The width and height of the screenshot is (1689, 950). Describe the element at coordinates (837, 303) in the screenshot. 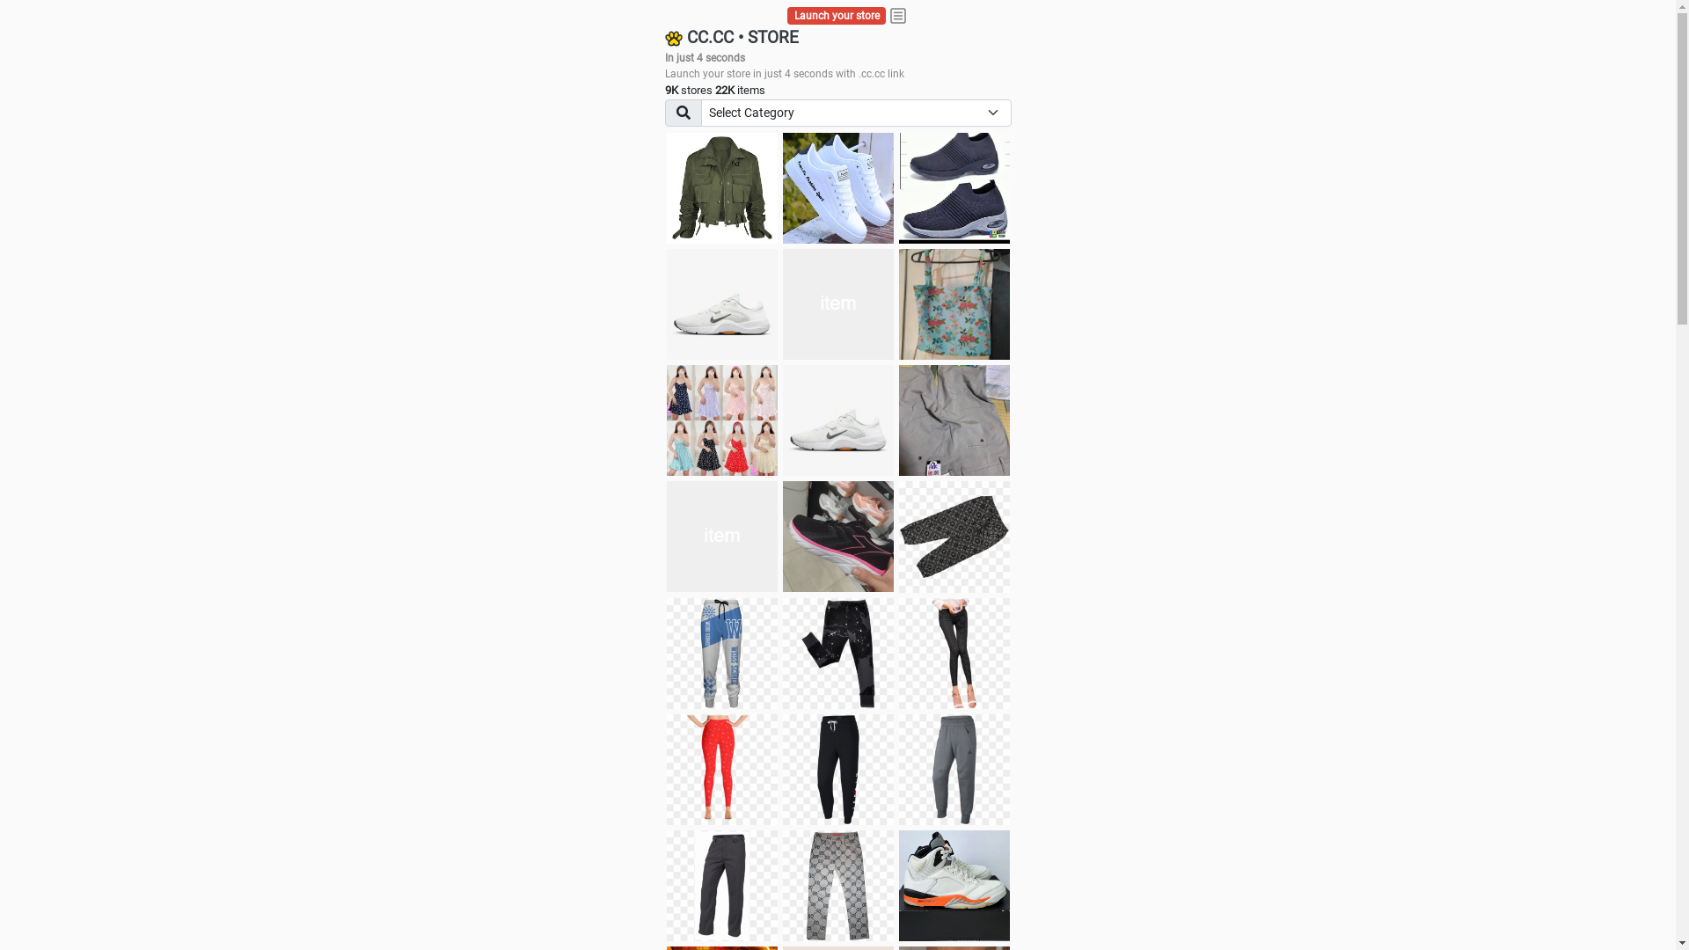

I see `'Things we need'` at that location.